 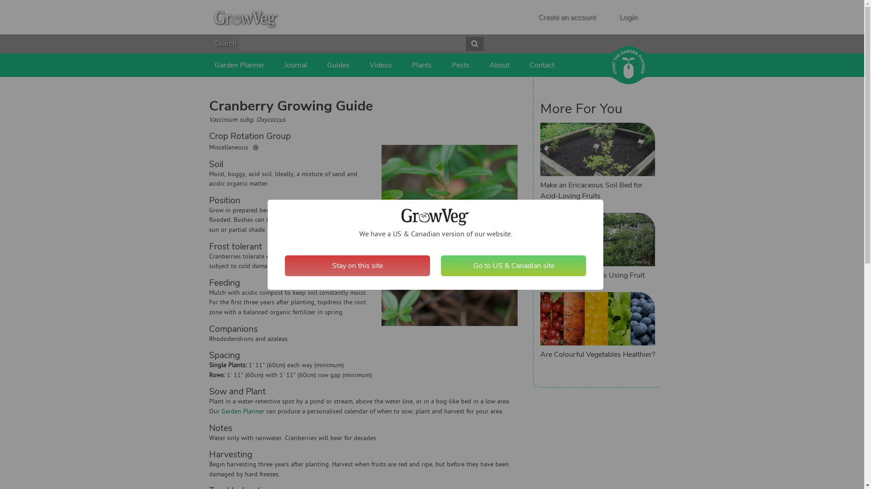 What do you see at coordinates (514, 265) in the screenshot?
I see `'Go to US & Canadian site'` at bounding box center [514, 265].